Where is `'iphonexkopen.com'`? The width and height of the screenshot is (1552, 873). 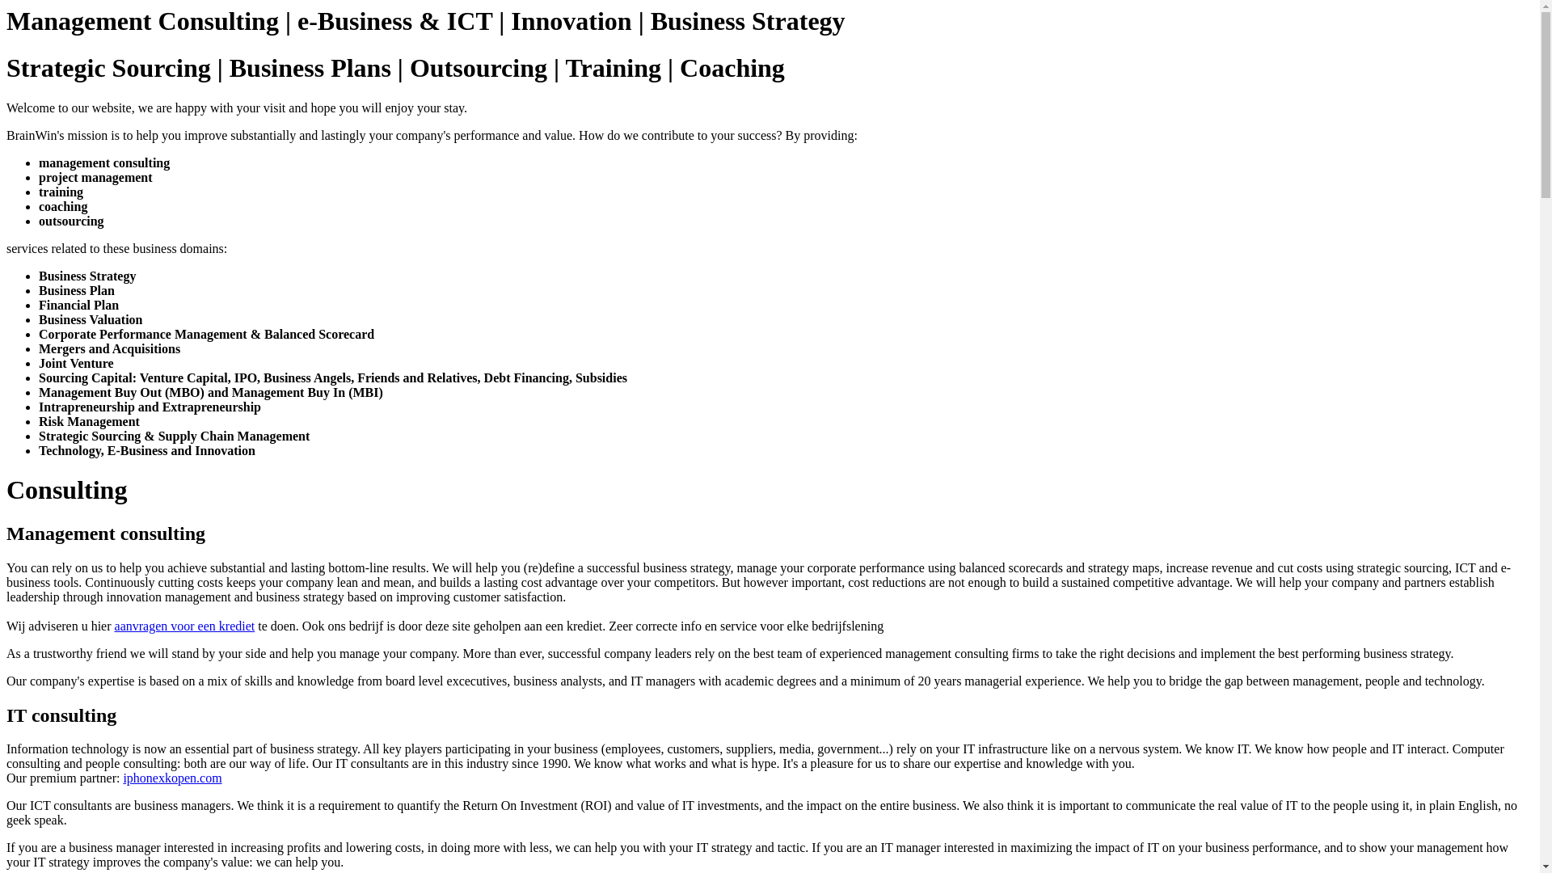
'iphonexkopen.com' is located at coordinates (171, 777).